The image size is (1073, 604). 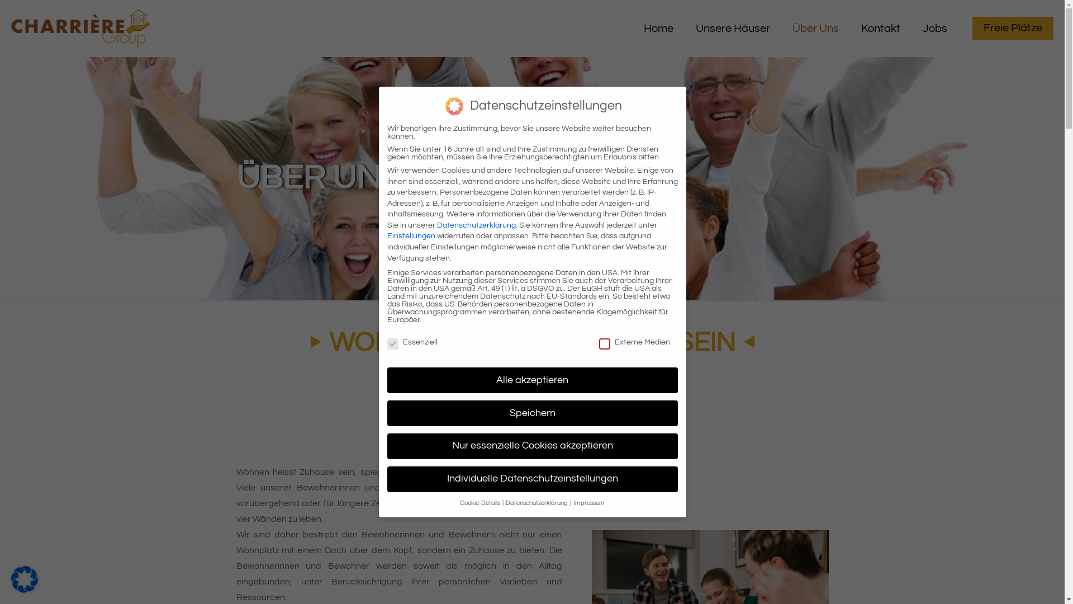 What do you see at coordinates (531, 478) in the screenshot?
I see `'Individuelle Datenschutzeinstellungen'` at bounding box center [531, 478].